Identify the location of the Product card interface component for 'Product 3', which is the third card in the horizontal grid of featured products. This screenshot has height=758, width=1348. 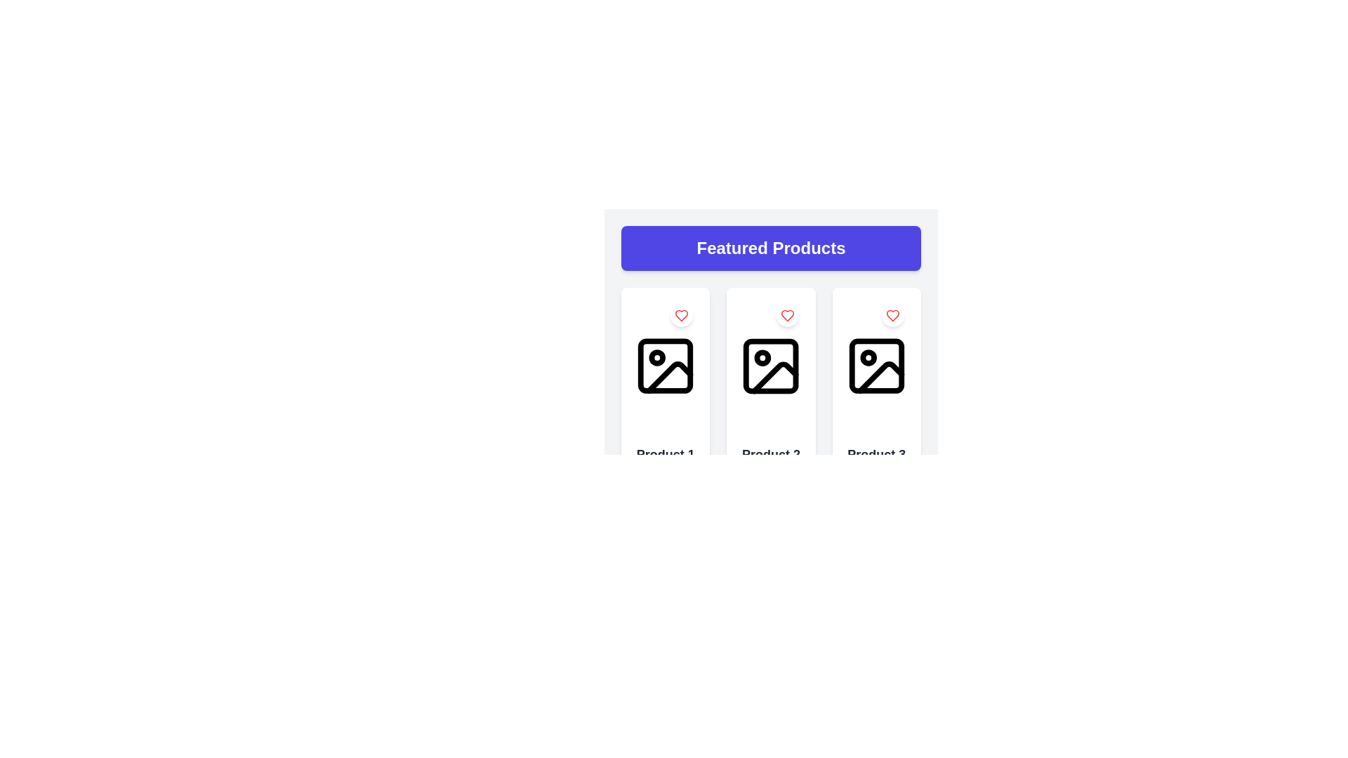
(875, 435).